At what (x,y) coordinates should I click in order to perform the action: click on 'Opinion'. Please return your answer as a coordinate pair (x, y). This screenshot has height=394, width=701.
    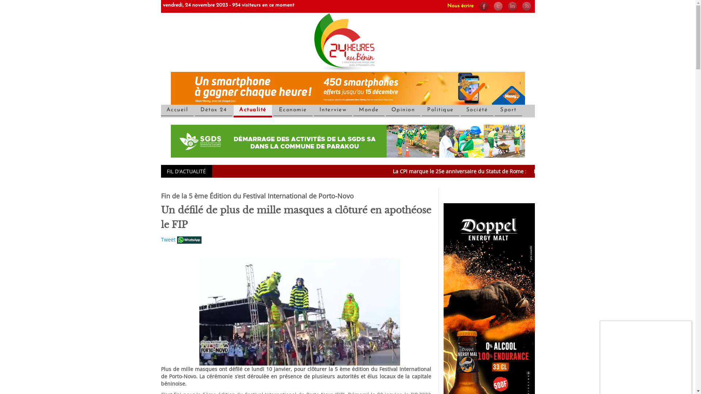
    Looking at the image, I should click on (385, 110).